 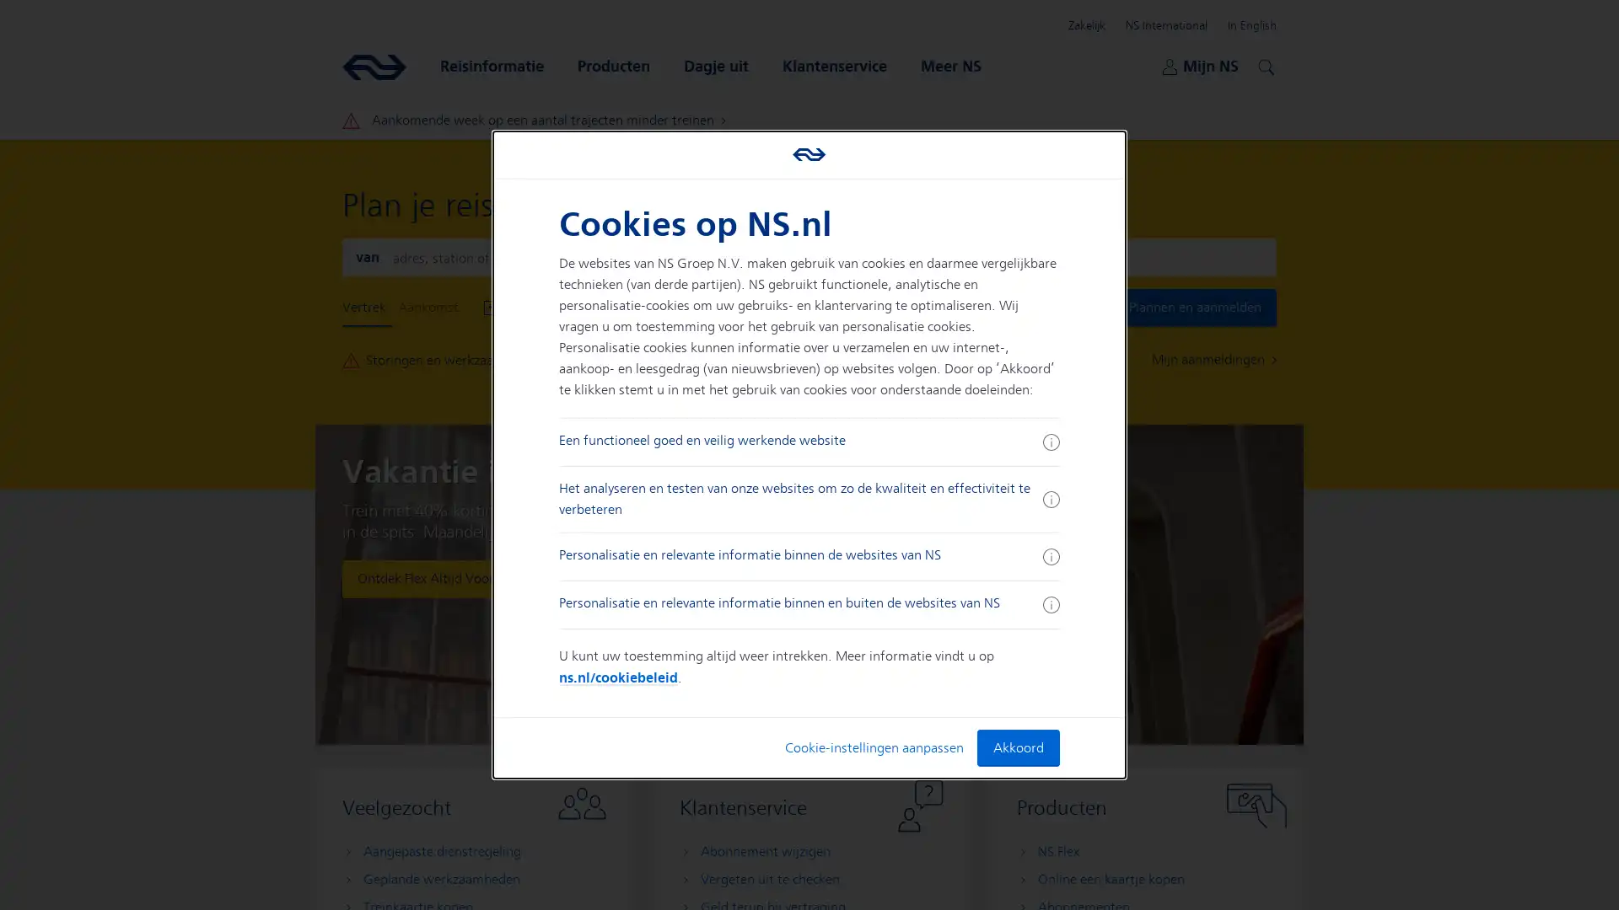 What do you see at coordinates (772, 308) in the screenshot?
I see `Toon Opties` at bounding box center [772, 308].